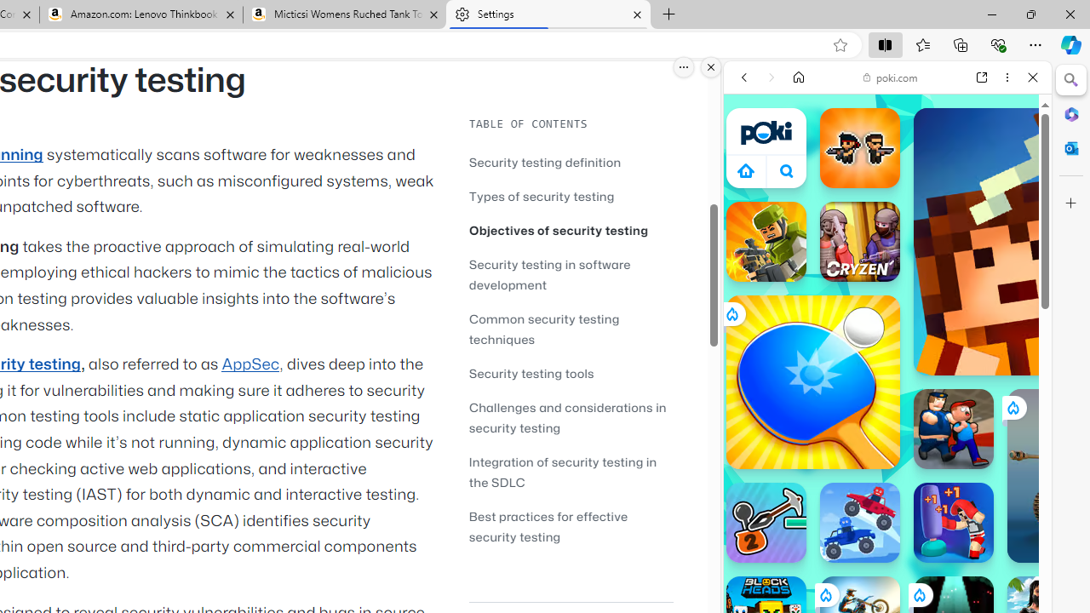 Image resolution: width=1090 pixels, height=613 pixels. What do you see at coordinates (571, 195) in the screenshot?
I see `'Types of security testing'` at bounding box center [571, 195].